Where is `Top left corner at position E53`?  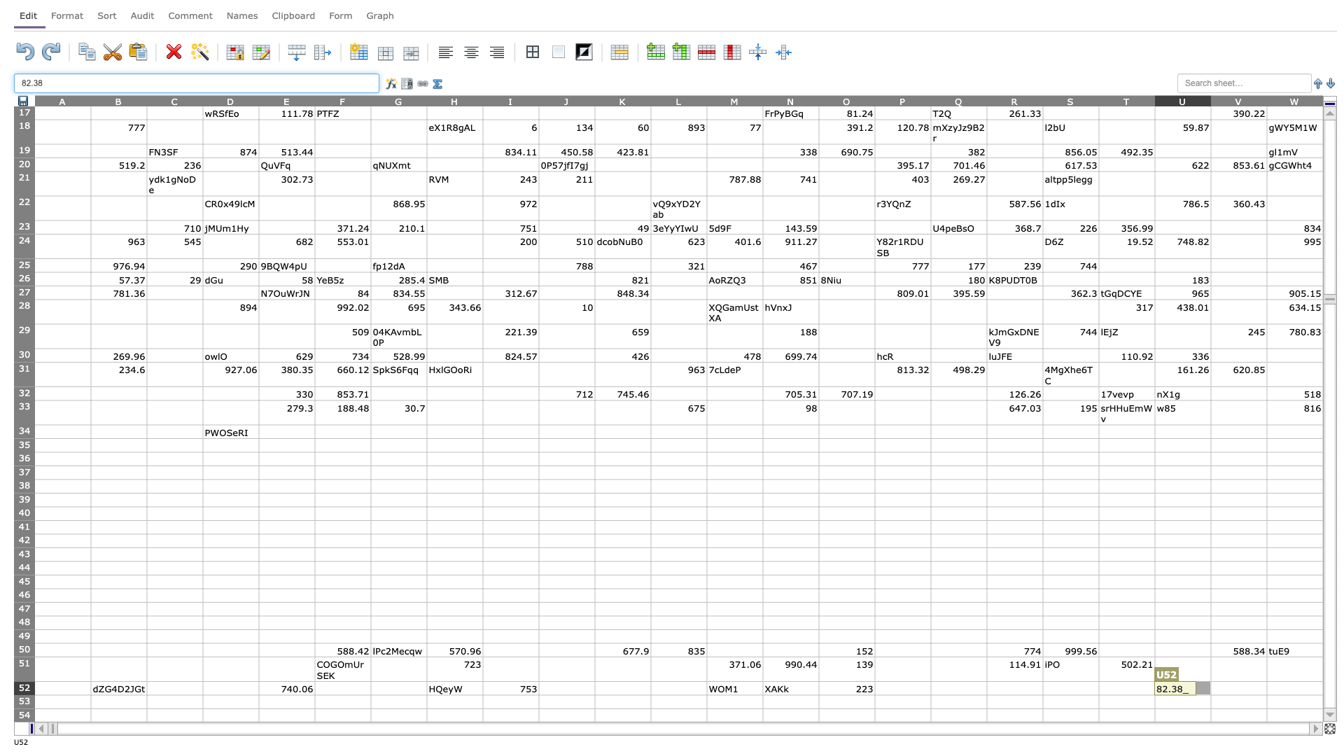
Top left corner at position E53 is located at coordinates (258, 694).